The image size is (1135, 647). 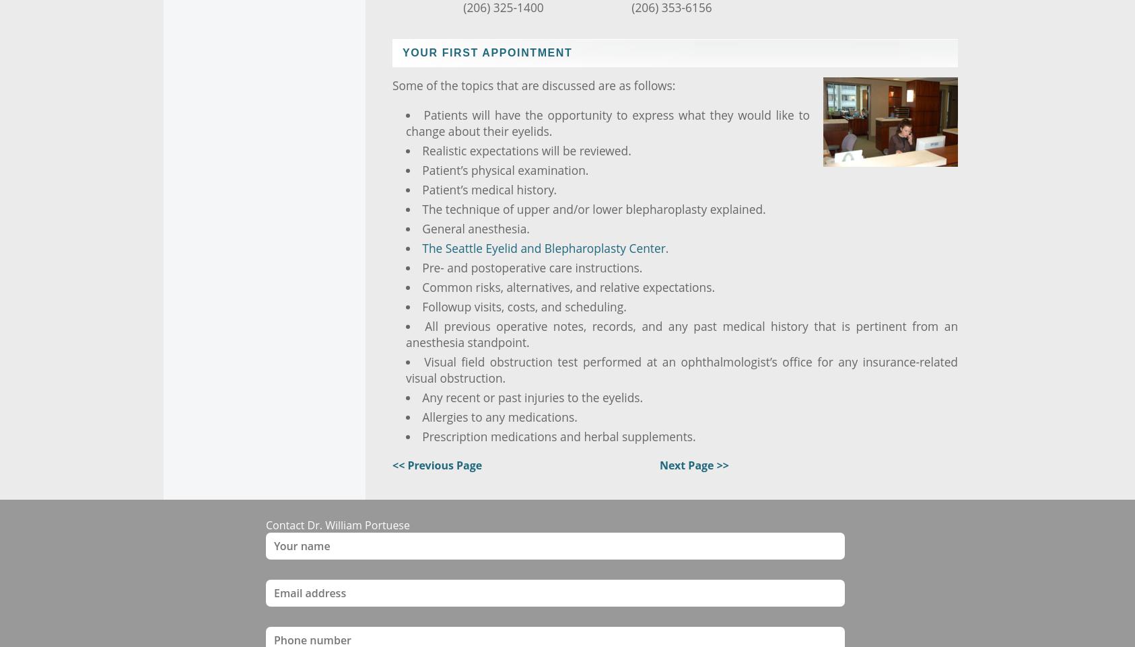 What do you see at coordinates (500, 416) in the screenshot?
I see `'Allergies to any medications.'` at bounding box center [500, 416].